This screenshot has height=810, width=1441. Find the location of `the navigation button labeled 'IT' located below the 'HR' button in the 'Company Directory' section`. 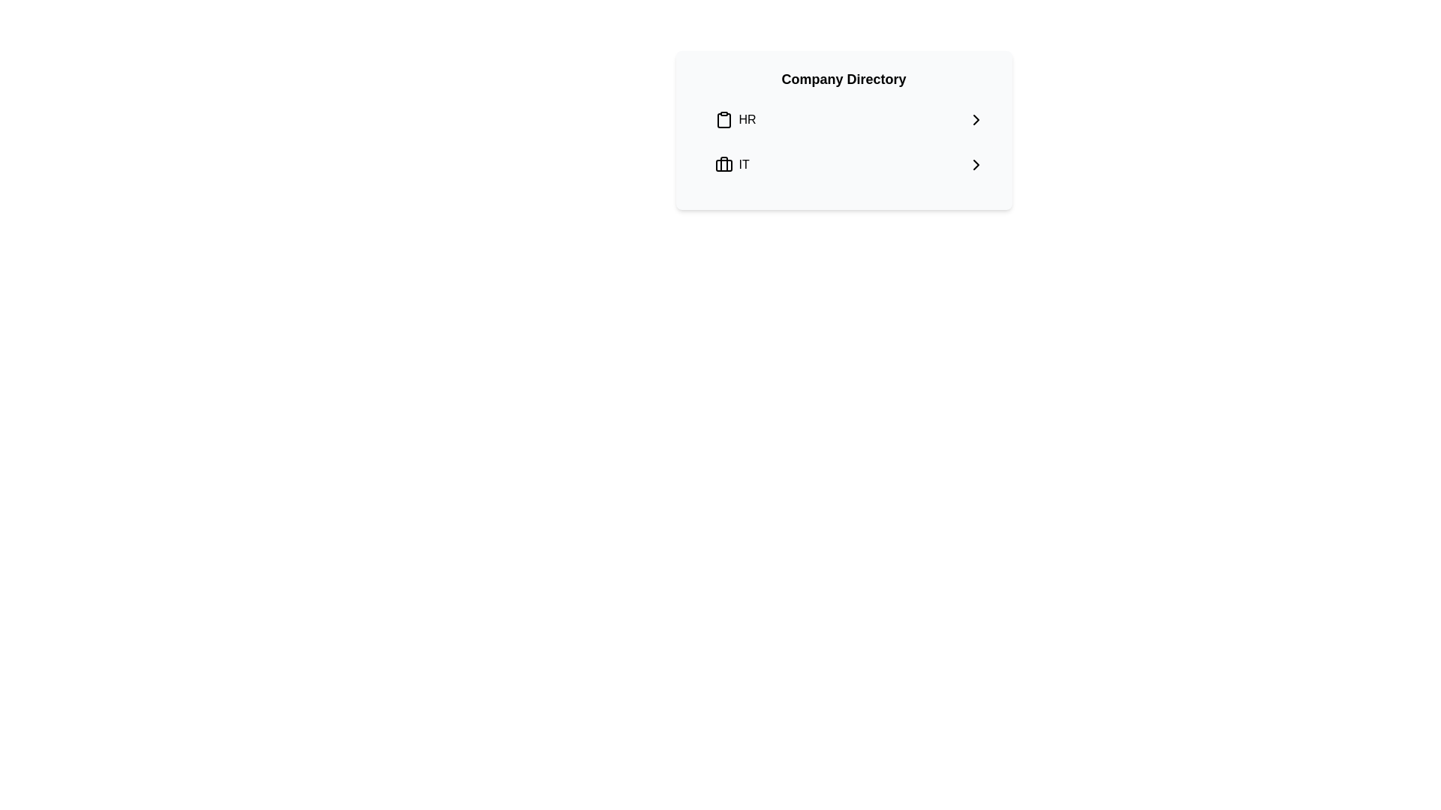

the navigation button labeled 'IT' located below the 'HR' button in the 'Company Directory' section is located at coordinates (850, 164).